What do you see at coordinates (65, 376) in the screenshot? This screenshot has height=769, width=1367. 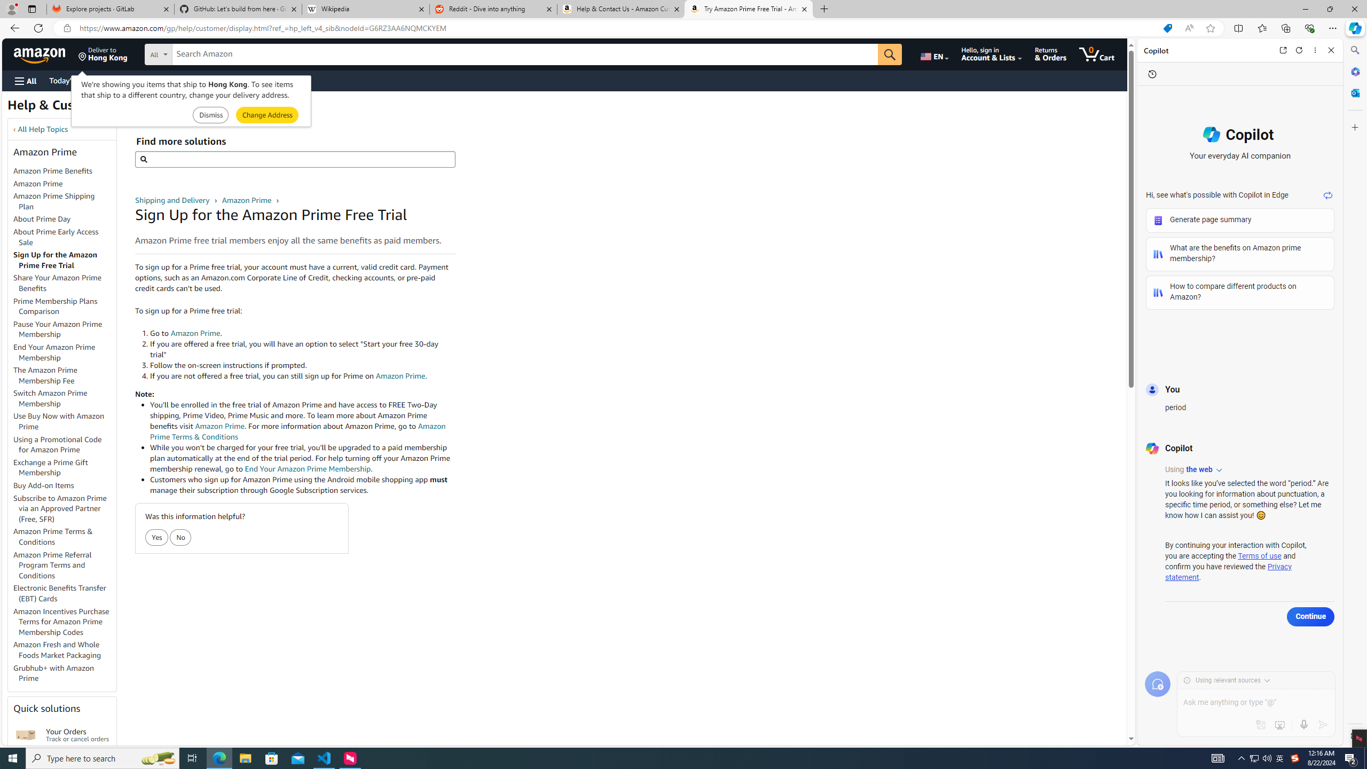 I see `'The Amazon Prime Membership Fee'` at bounding box center [65, 376].